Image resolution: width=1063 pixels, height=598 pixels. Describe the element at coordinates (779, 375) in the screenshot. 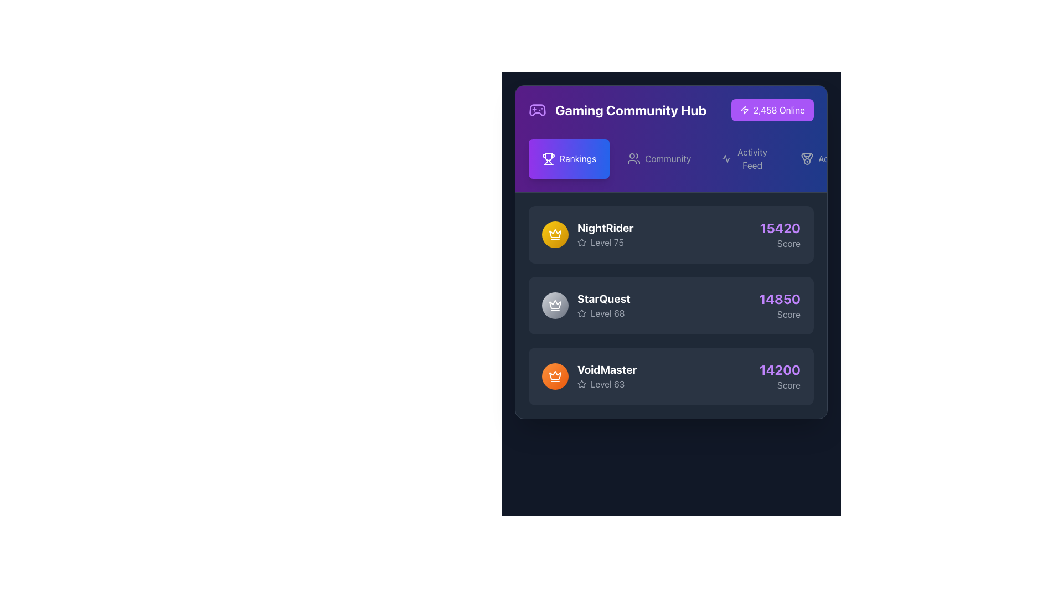

I see `the score information displayed as '14200' on a dark background, which is located on the right side of the entry for 'VoidMaster' and 'Level 63'` at that location.